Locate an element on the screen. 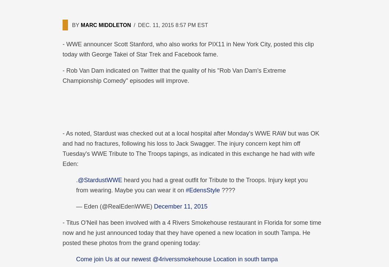  'December 11, 2015' is located at coordinates (180, 206).